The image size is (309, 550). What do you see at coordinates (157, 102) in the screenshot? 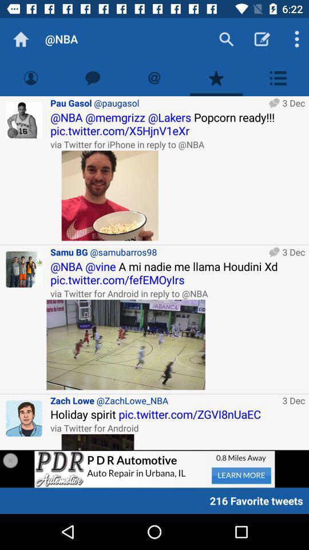
I see `pau gasol @paugasol item` at bounding box center [157, 102].